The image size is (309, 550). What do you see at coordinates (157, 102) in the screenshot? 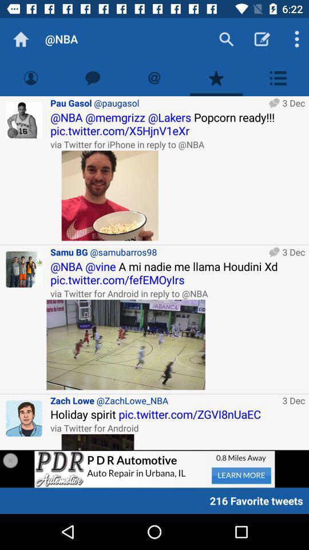
I see `pau gasol @paugasol item` at bounding box center [157, 102].